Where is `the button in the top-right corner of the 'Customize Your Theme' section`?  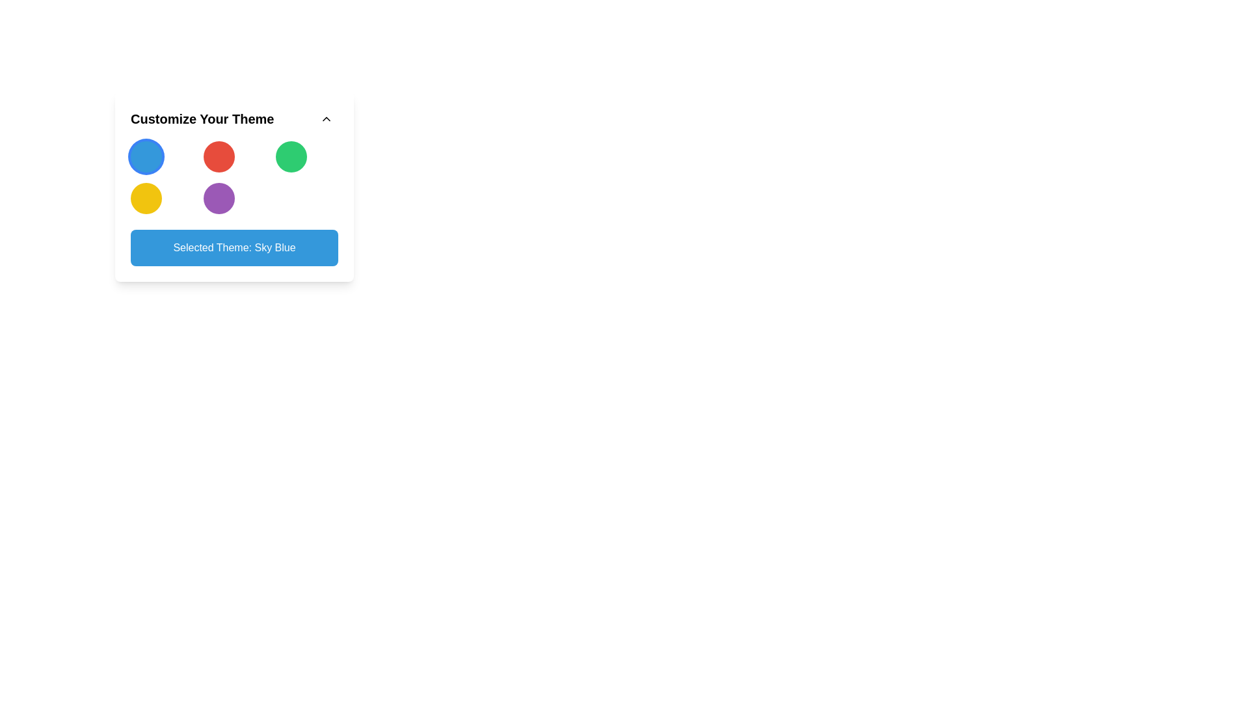 the button in the top-right corner of the 'Customize Your Theme' section is located at coordinates (327, 118).